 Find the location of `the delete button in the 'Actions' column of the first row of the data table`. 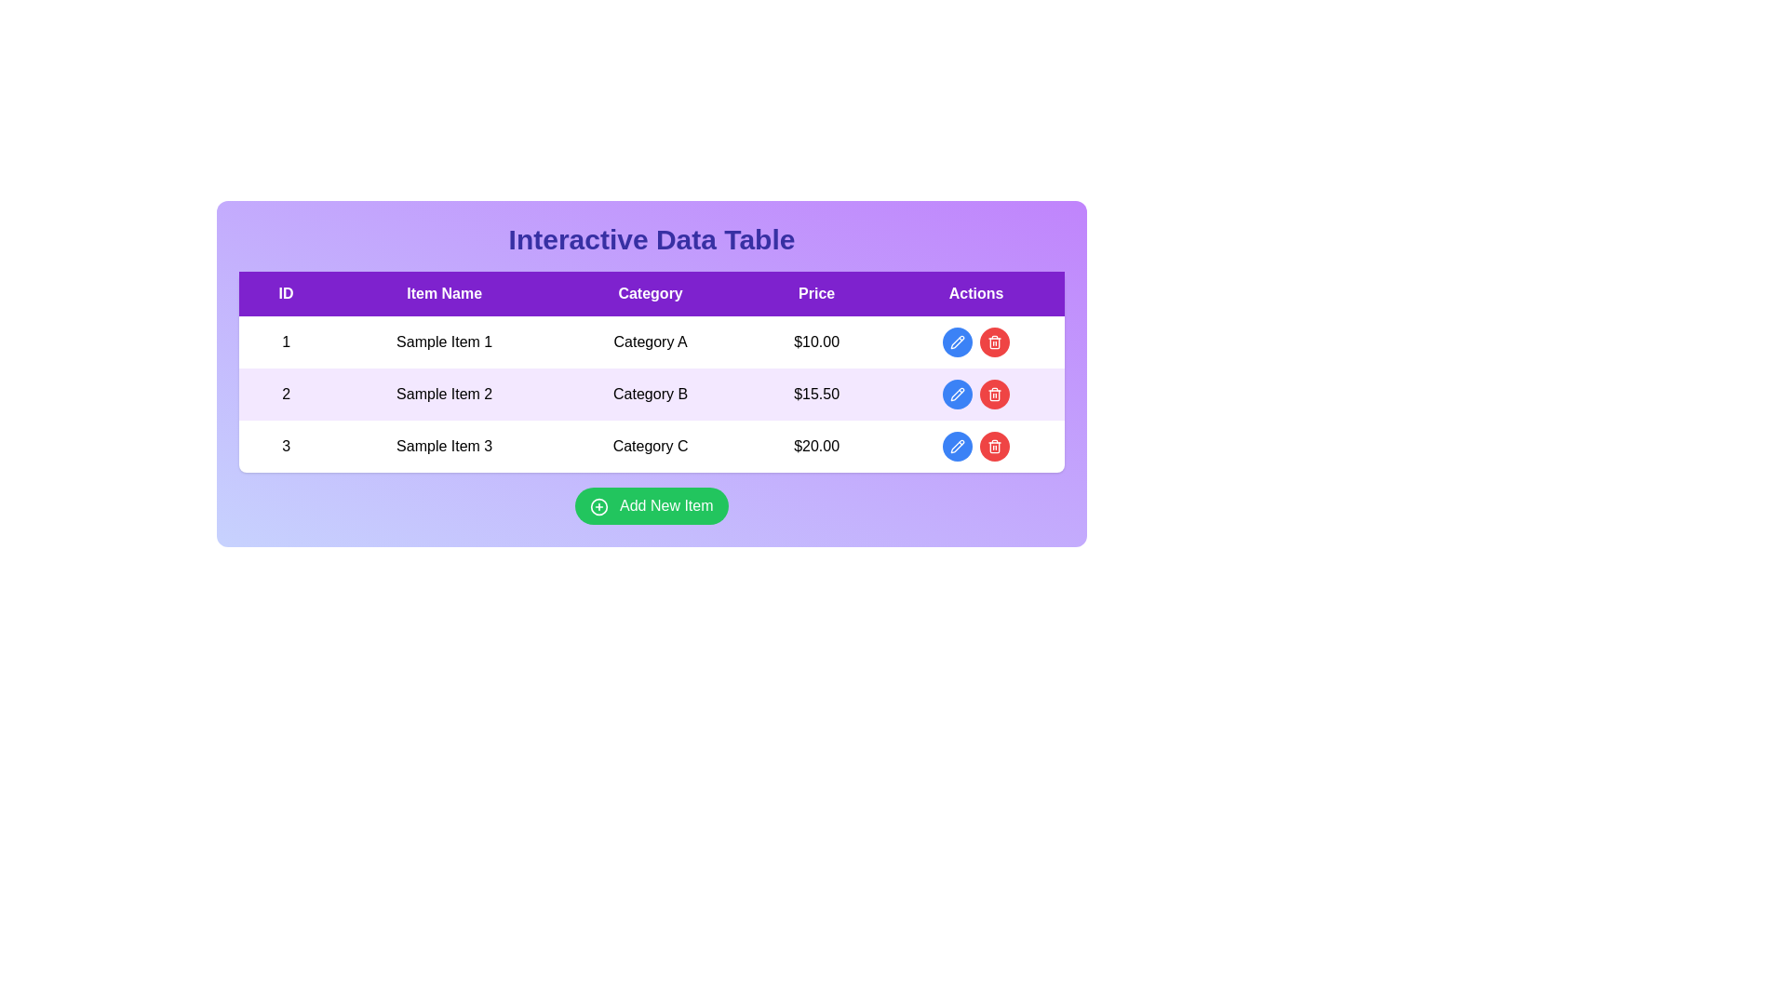

the delete button in the 'Actions' column of the first row of the data table is located at coordinates (994, 342).